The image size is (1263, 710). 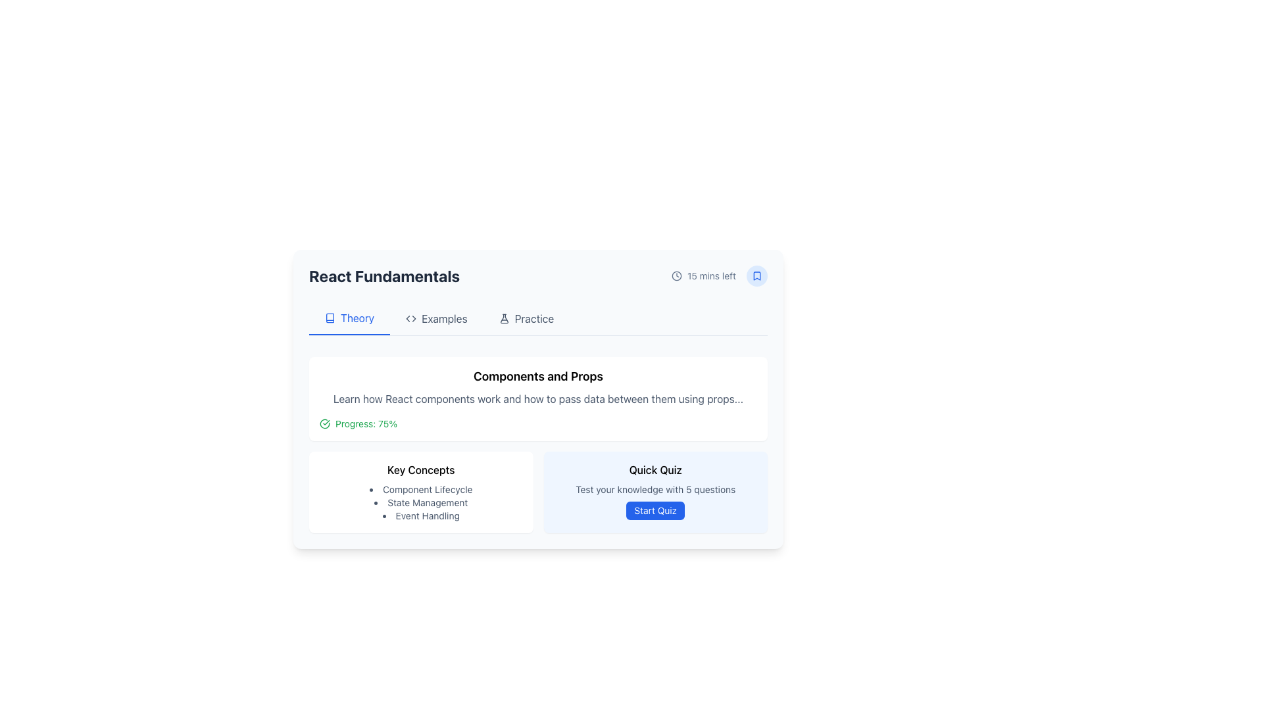 What do you see at coordinates (757, 275) in the screenshot?
I see `the bookmark IconButton located at the top-right corner of the 'React Fundamentals' card` at bounding box center [757, 275].